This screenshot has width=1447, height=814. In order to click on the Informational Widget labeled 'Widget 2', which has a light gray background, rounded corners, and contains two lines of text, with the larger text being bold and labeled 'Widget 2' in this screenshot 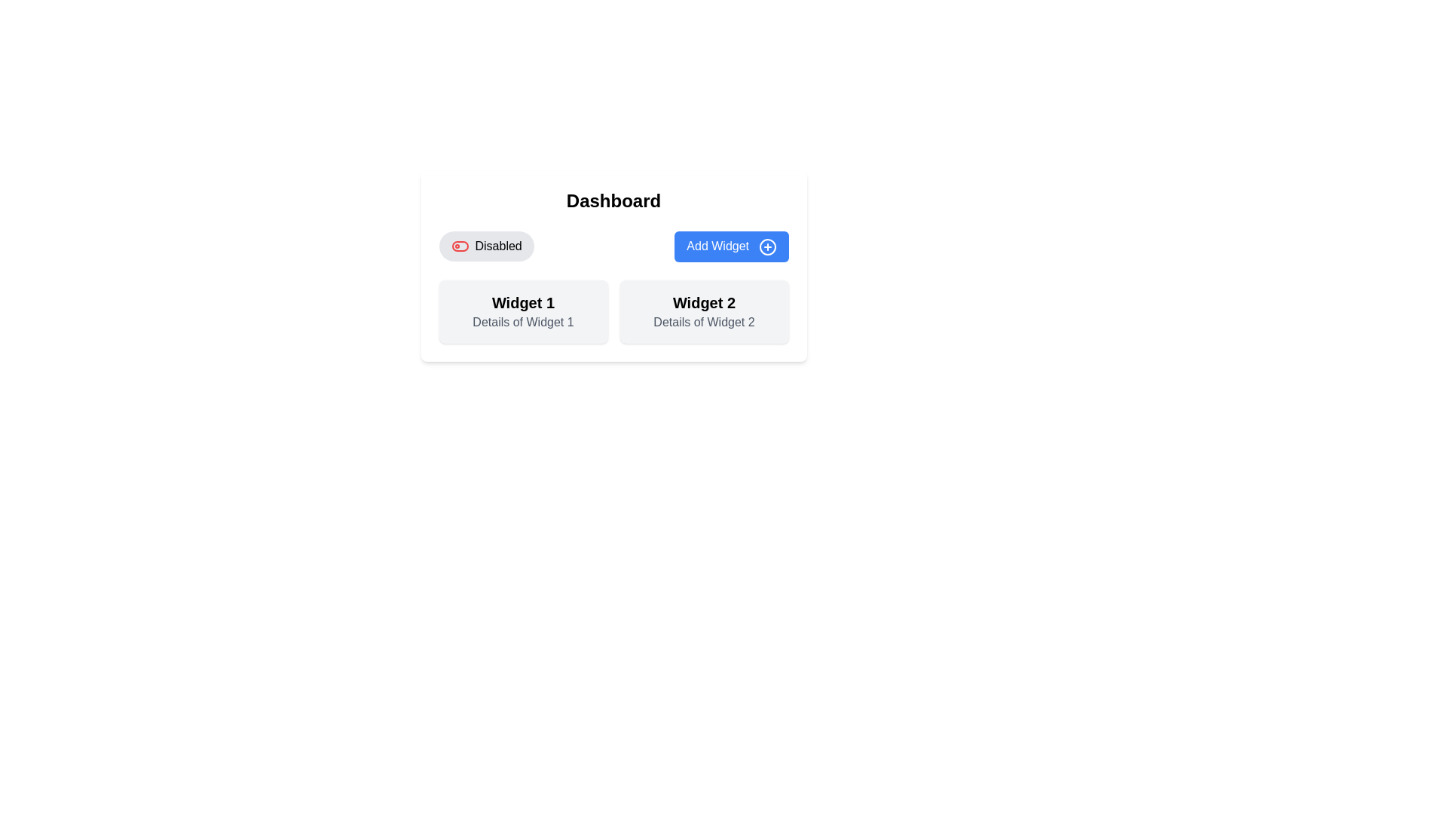, I will do `click(703, 311)`.